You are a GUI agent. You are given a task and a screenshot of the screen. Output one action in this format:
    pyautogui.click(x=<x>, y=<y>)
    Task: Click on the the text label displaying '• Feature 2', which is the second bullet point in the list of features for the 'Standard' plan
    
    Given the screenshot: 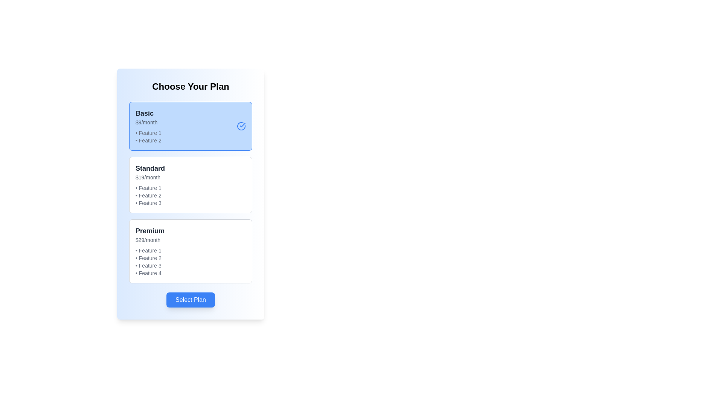 What is the action you would take?
    pyautogui.click(x=150, y=195)
    